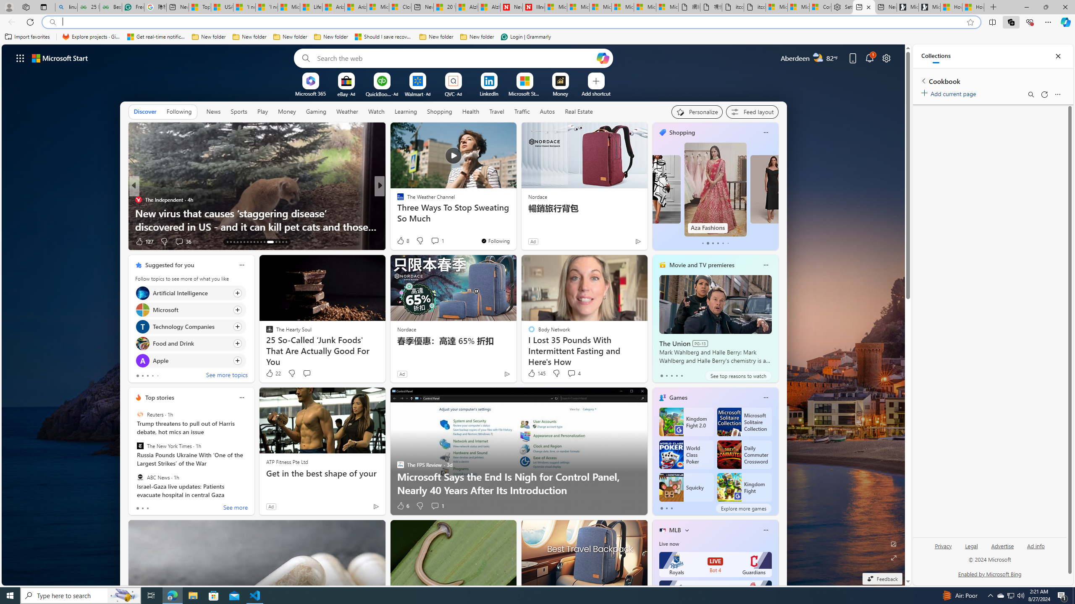  What do you see at coordinates (674, 530) in the screenshot?
I see `'MLB'` at bounding box center [674, 530].